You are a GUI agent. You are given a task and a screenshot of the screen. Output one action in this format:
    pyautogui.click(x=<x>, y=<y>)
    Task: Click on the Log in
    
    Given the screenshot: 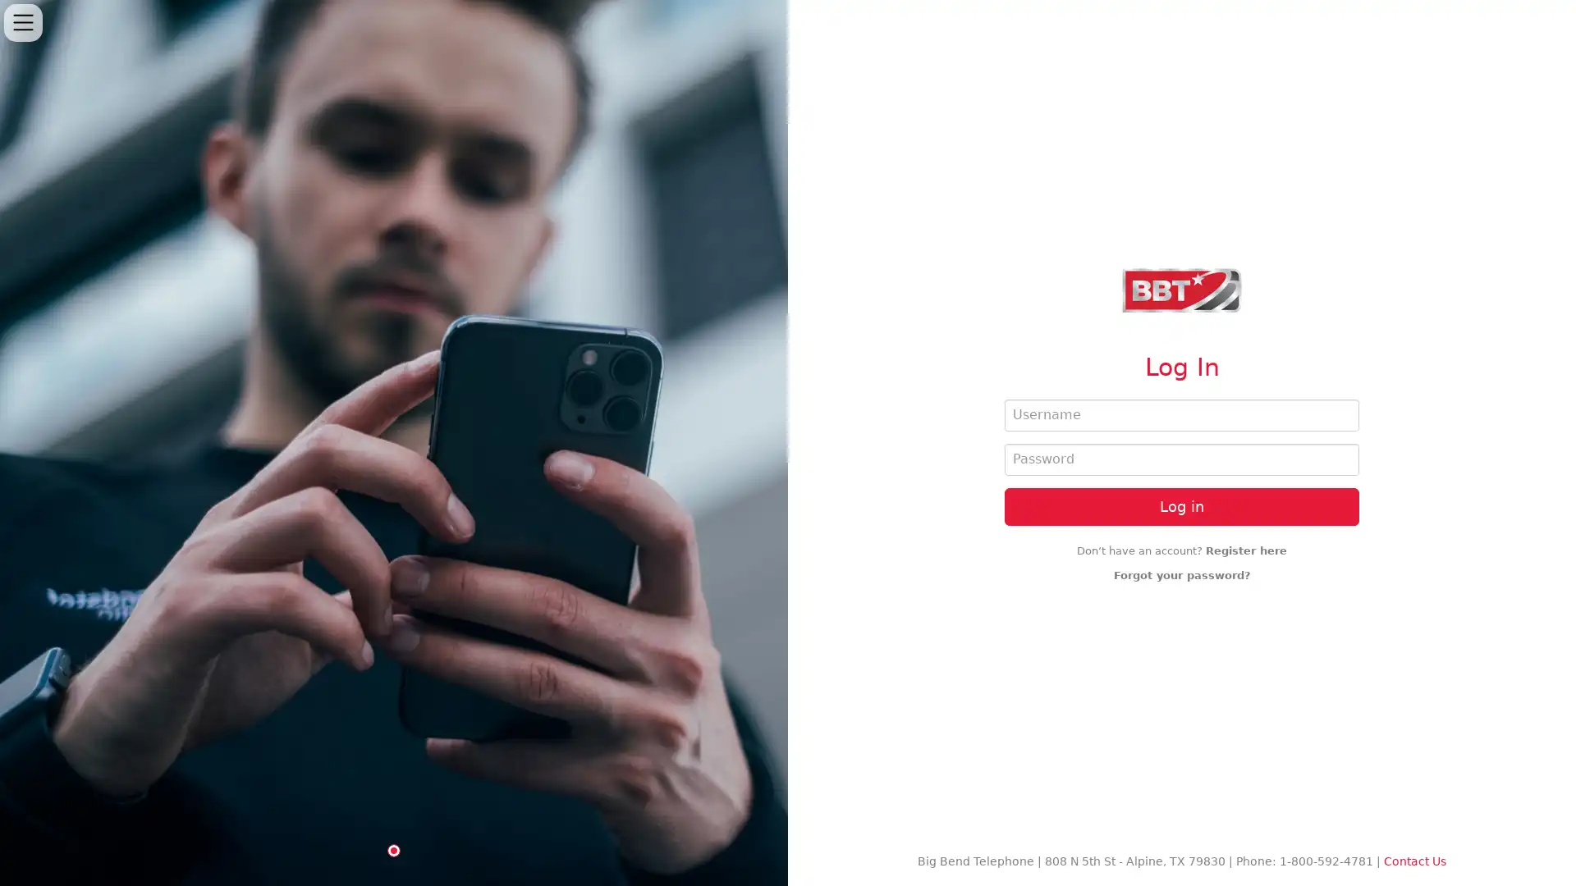 What is the action you would take?
    pyautogui.click(x=1182, y=505)
    